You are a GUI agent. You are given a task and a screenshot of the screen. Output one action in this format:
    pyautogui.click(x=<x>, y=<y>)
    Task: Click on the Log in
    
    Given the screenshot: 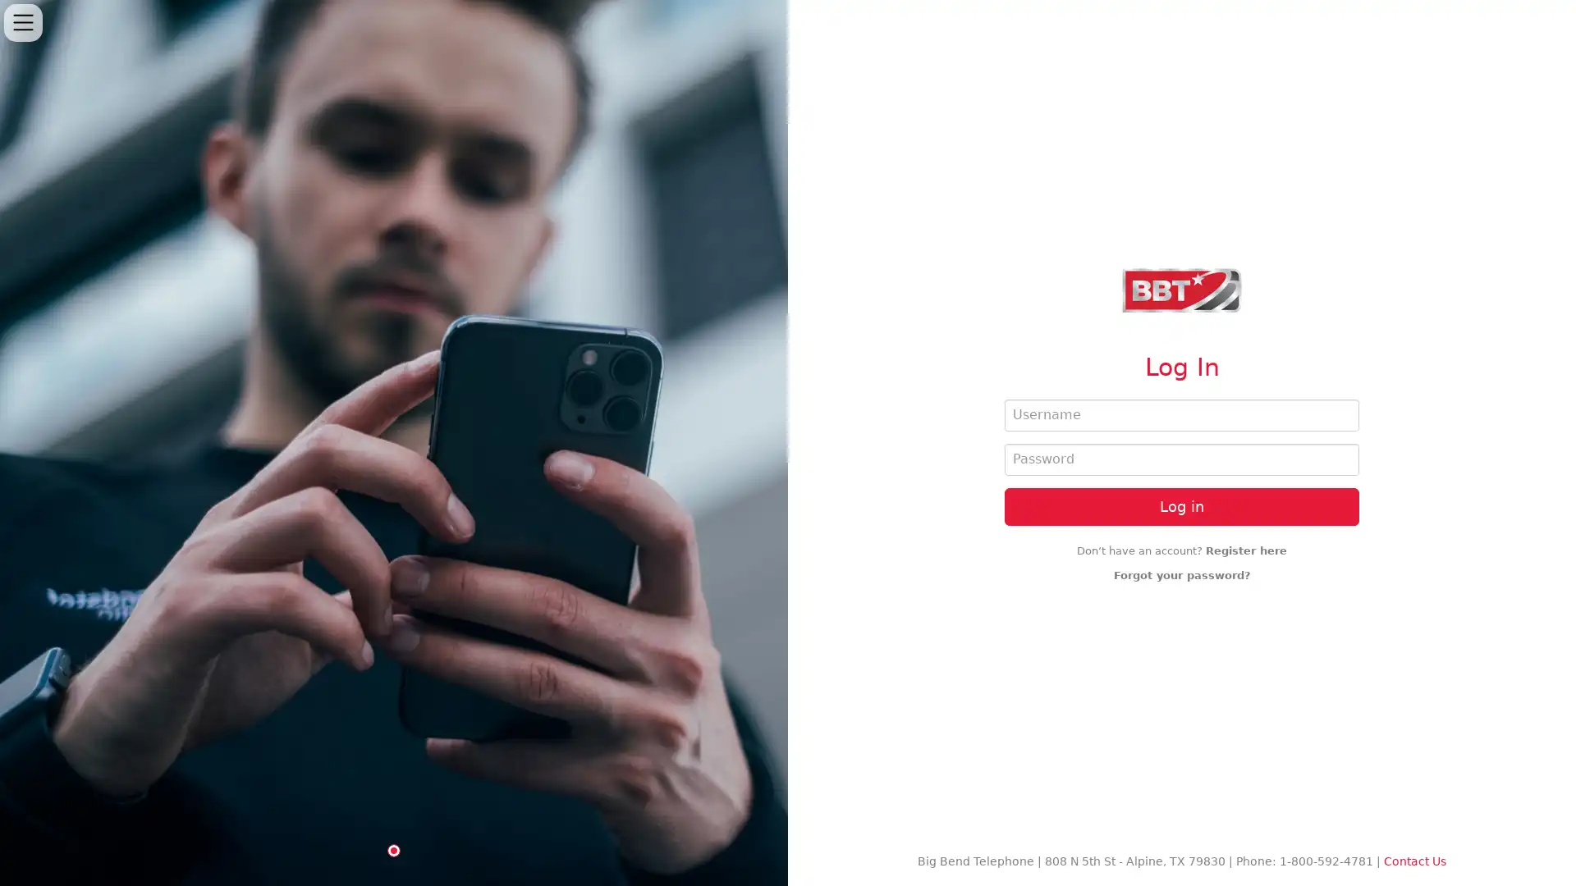 What is the action you would take?
    pyautogui.click(x=1182, y=505)
    